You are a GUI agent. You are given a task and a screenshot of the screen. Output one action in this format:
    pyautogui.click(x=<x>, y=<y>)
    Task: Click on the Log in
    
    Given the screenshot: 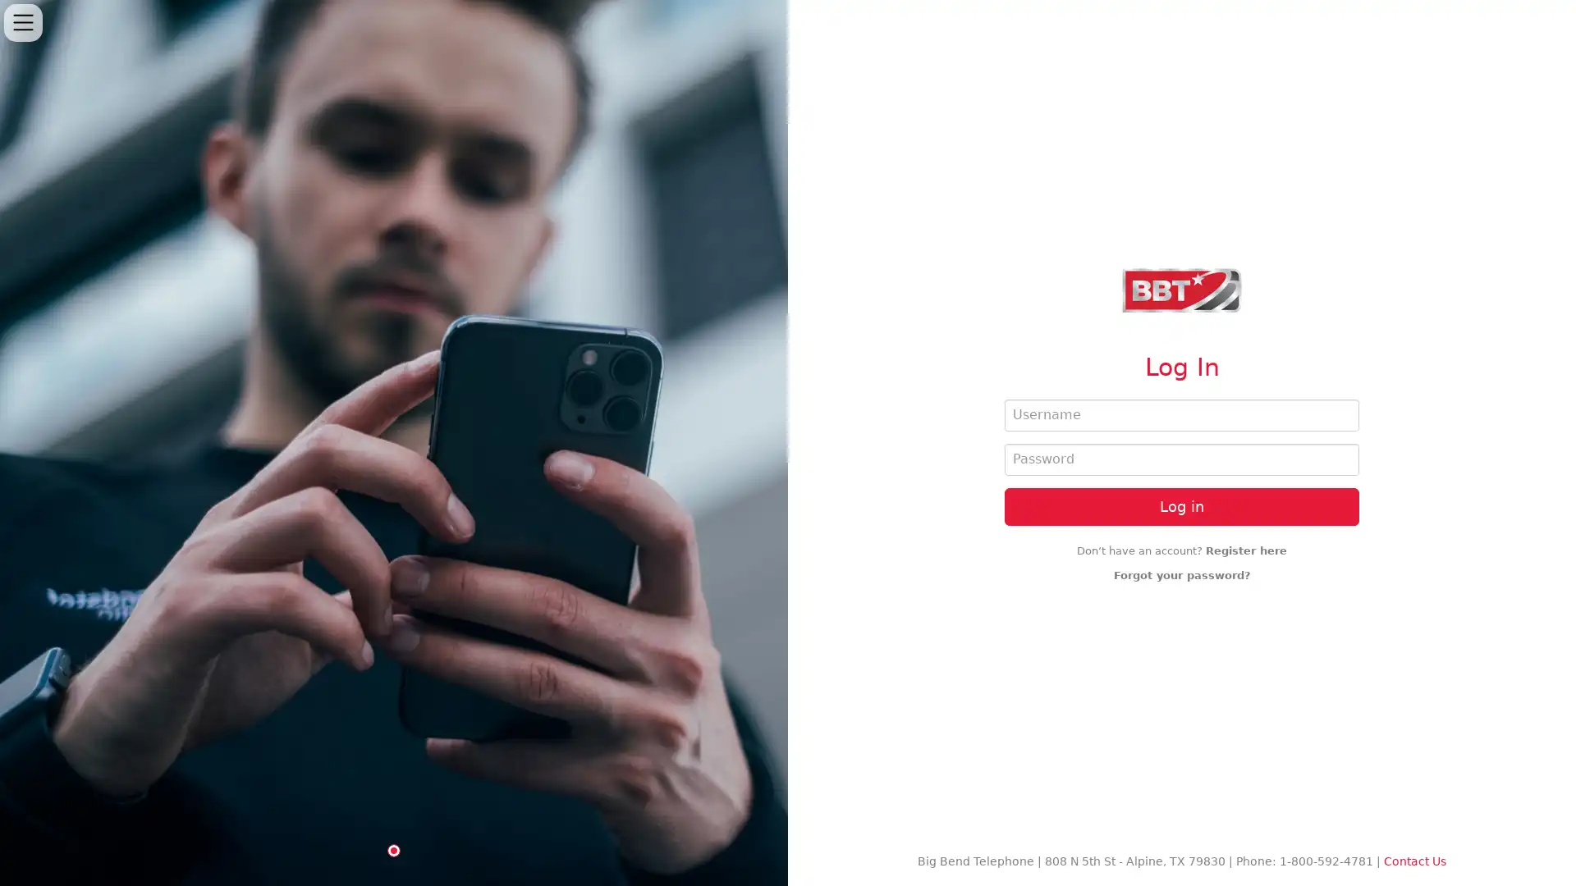 What is the action you would take?
    pyautogui.click(x=1182, y=505)
    